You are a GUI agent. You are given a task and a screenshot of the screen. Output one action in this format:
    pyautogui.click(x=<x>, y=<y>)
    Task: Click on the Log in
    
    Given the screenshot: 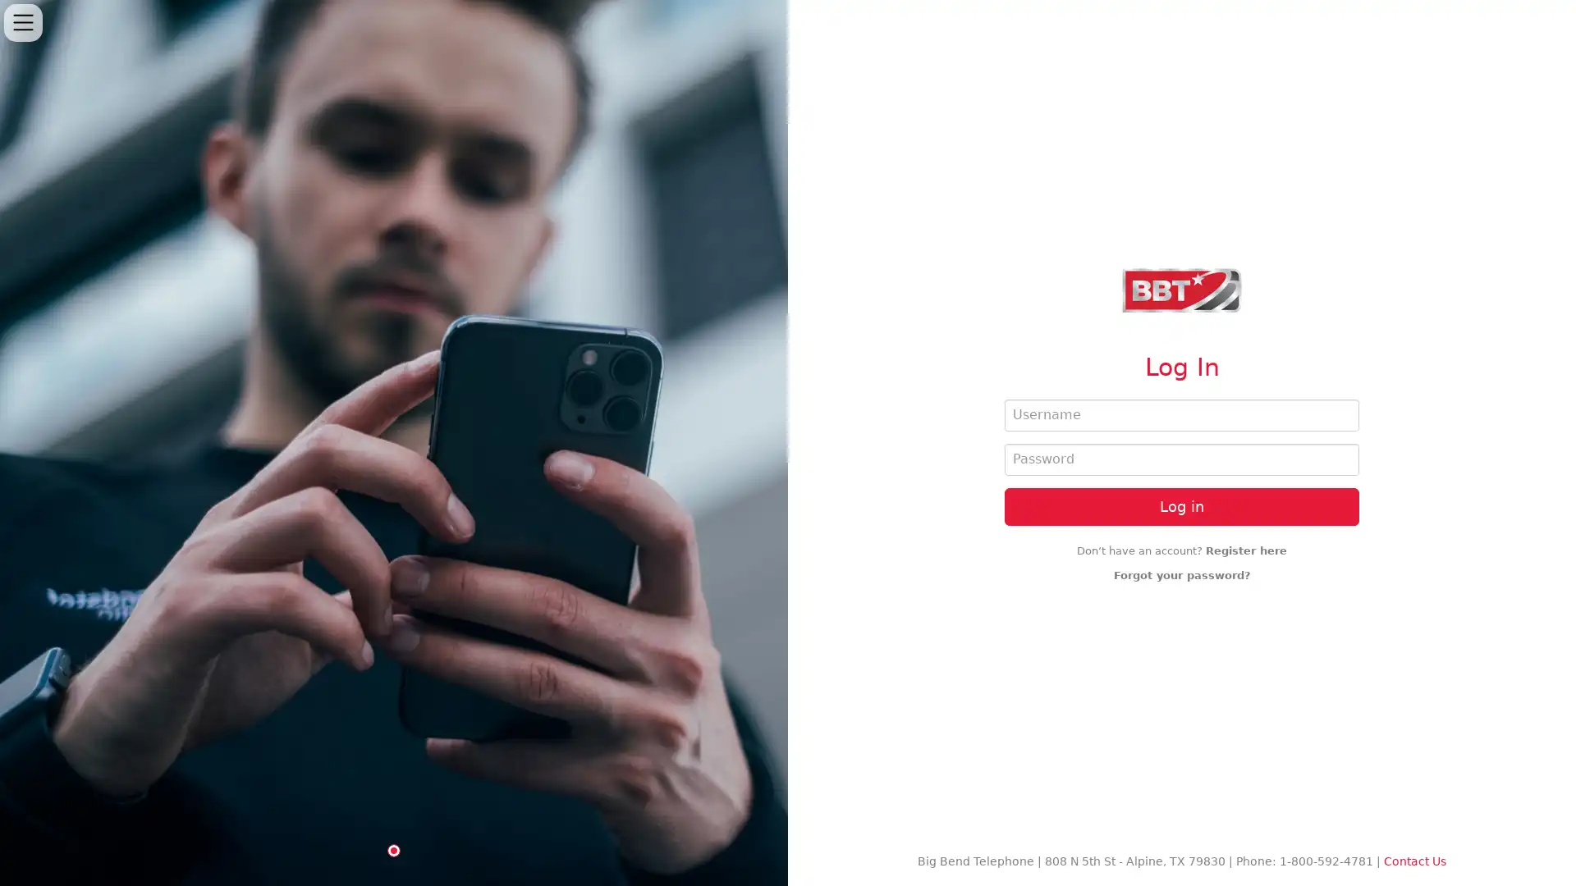 What is the action you would take?
    pyautogui.click(x=1182, y=505)
    